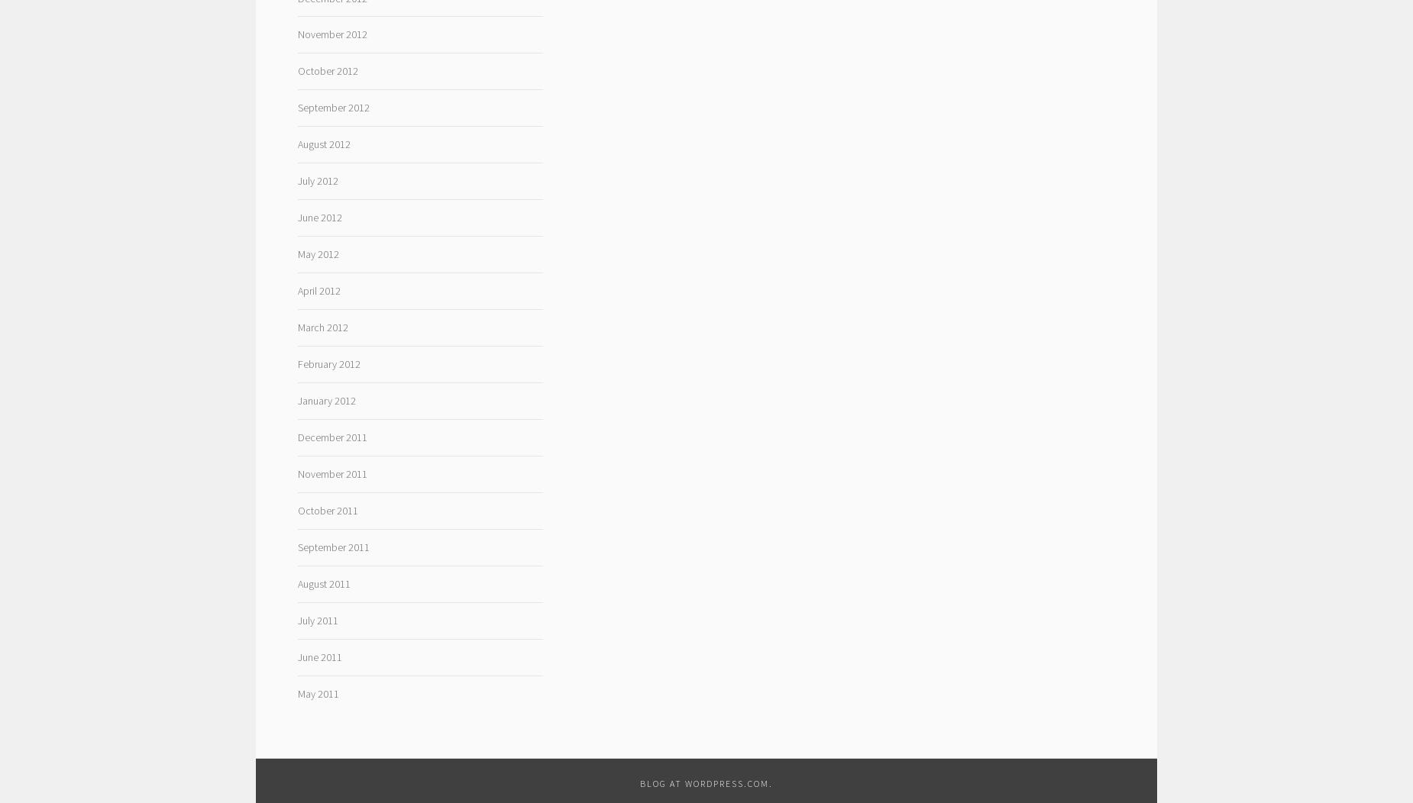 The image size is (1413, 803). What do you see at coordinates (331, 473) in the screenshot?
I see `'November 2011'` at bounding box center [331, 473].